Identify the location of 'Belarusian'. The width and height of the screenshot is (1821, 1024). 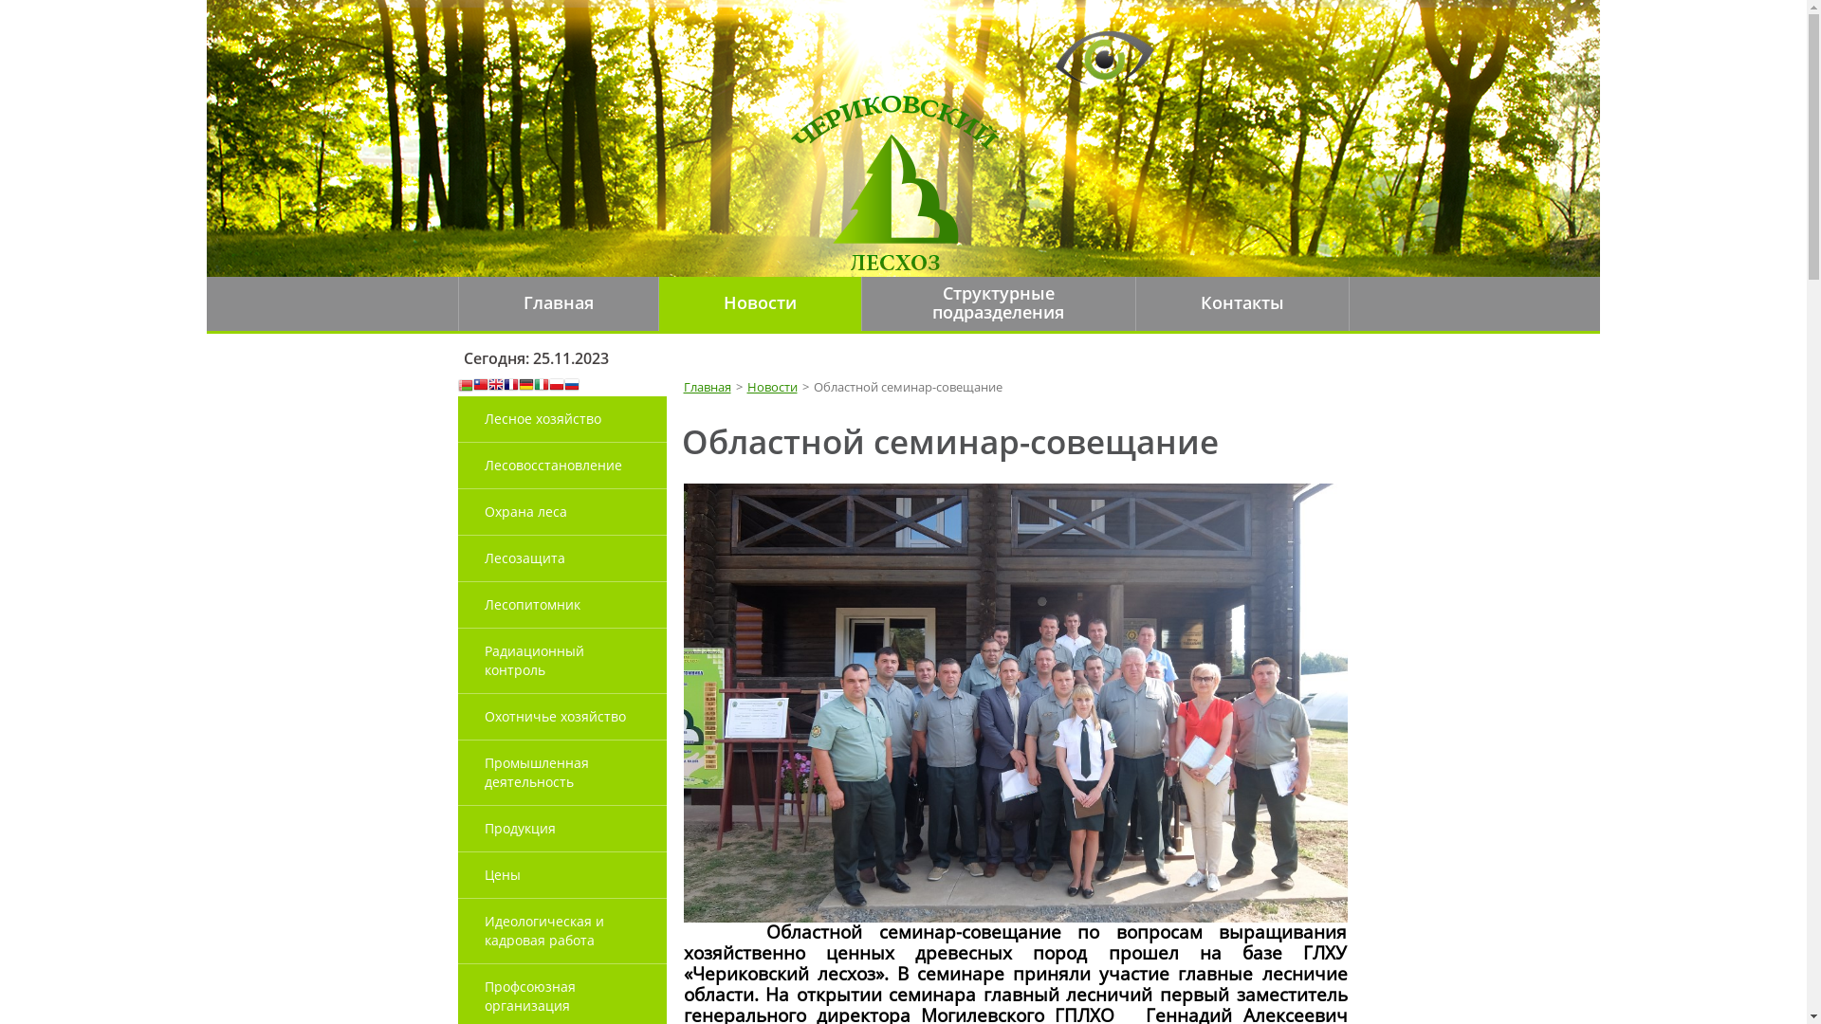
(464, 385).